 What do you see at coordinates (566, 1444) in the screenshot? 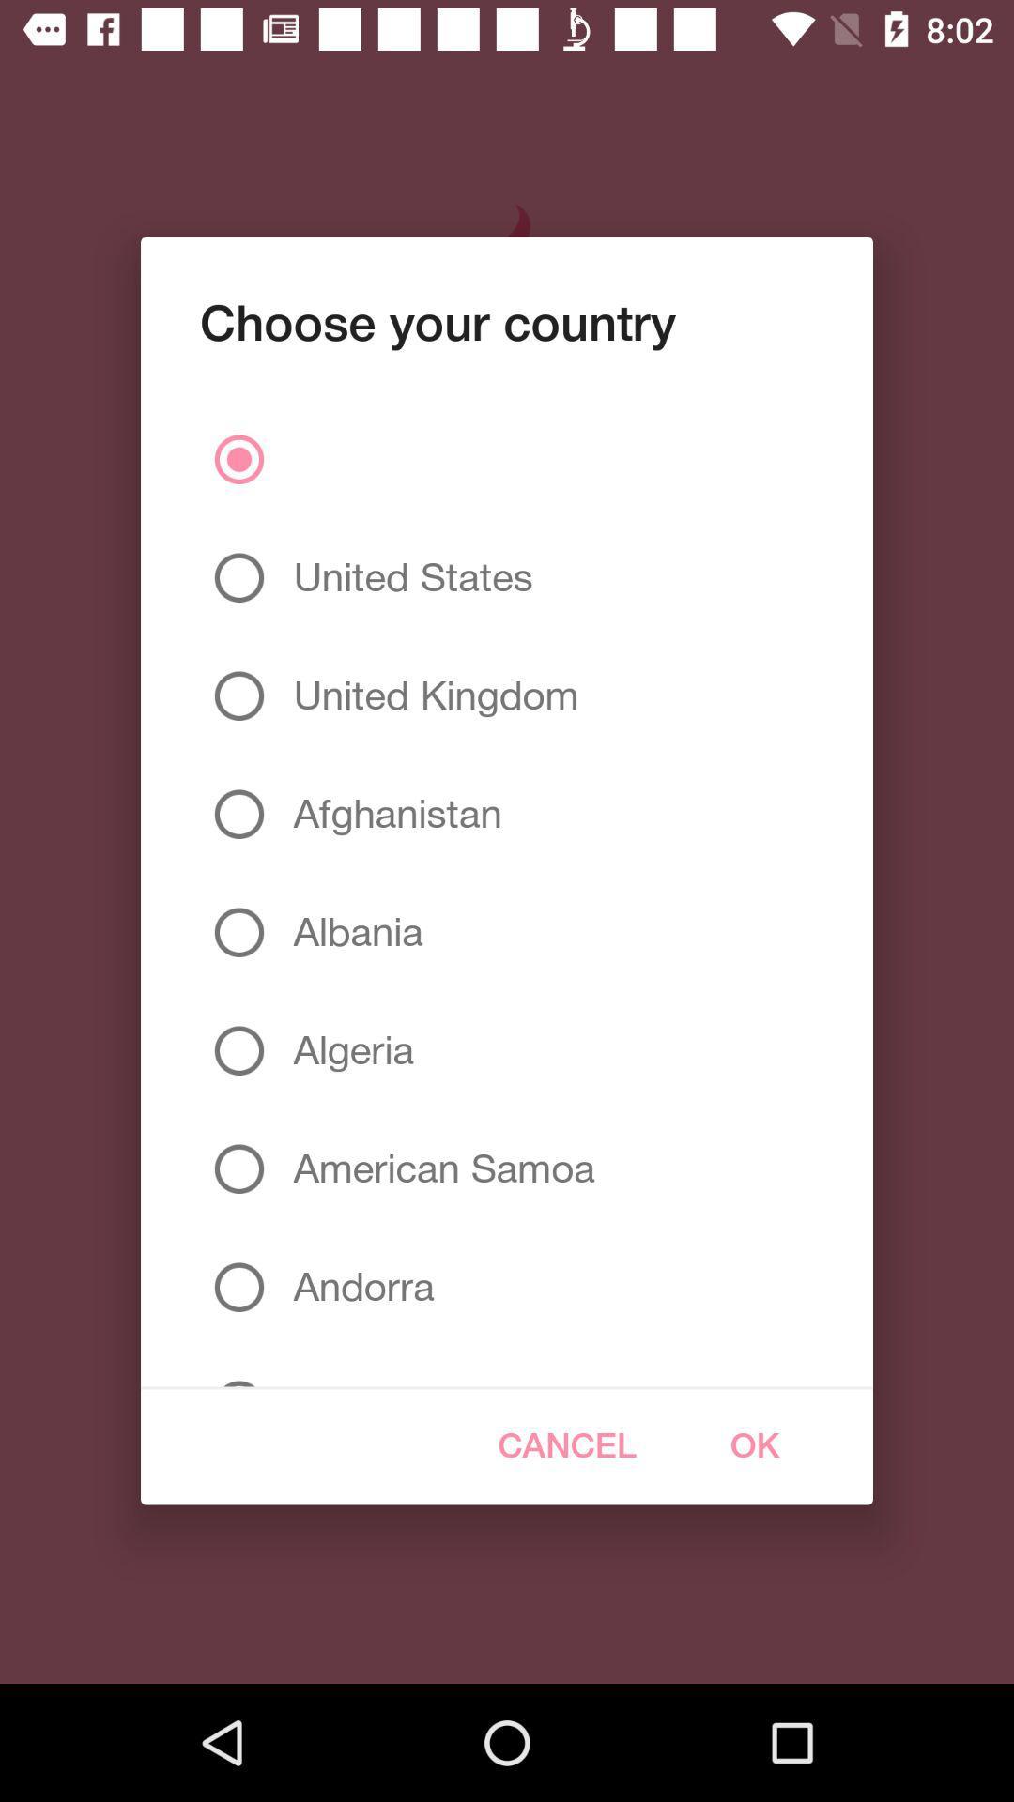
I see `the cancel` at bounding box center [566, 1444].